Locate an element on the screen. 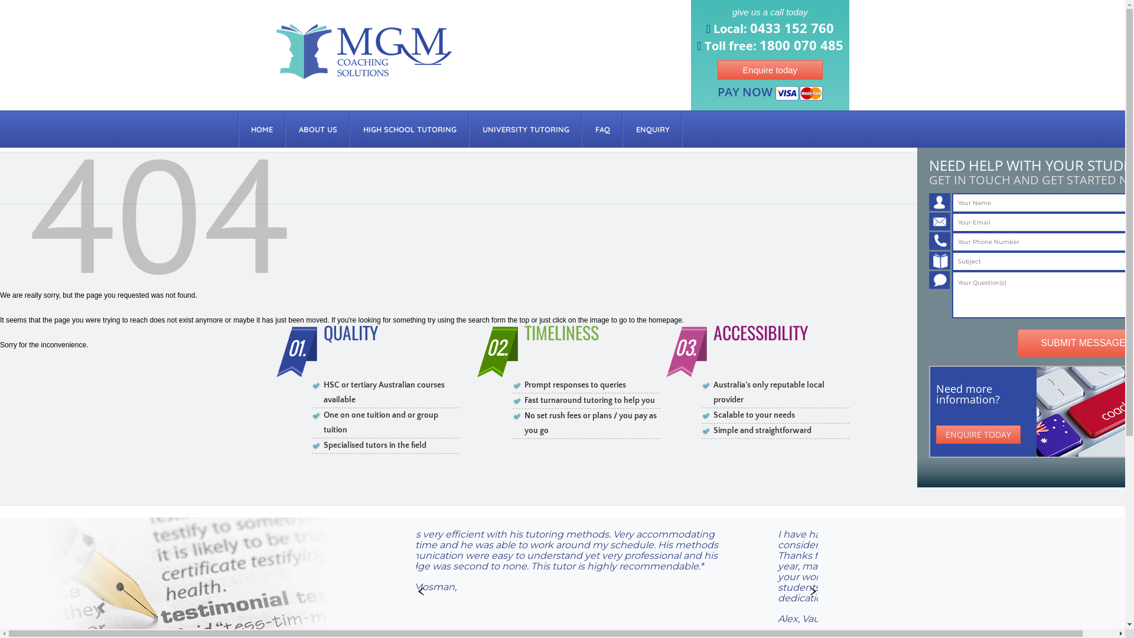 The width and height of the screenshot is (1134, 638). 'UNIVERSITY TUTORING' is located at coordinates (524, 129).